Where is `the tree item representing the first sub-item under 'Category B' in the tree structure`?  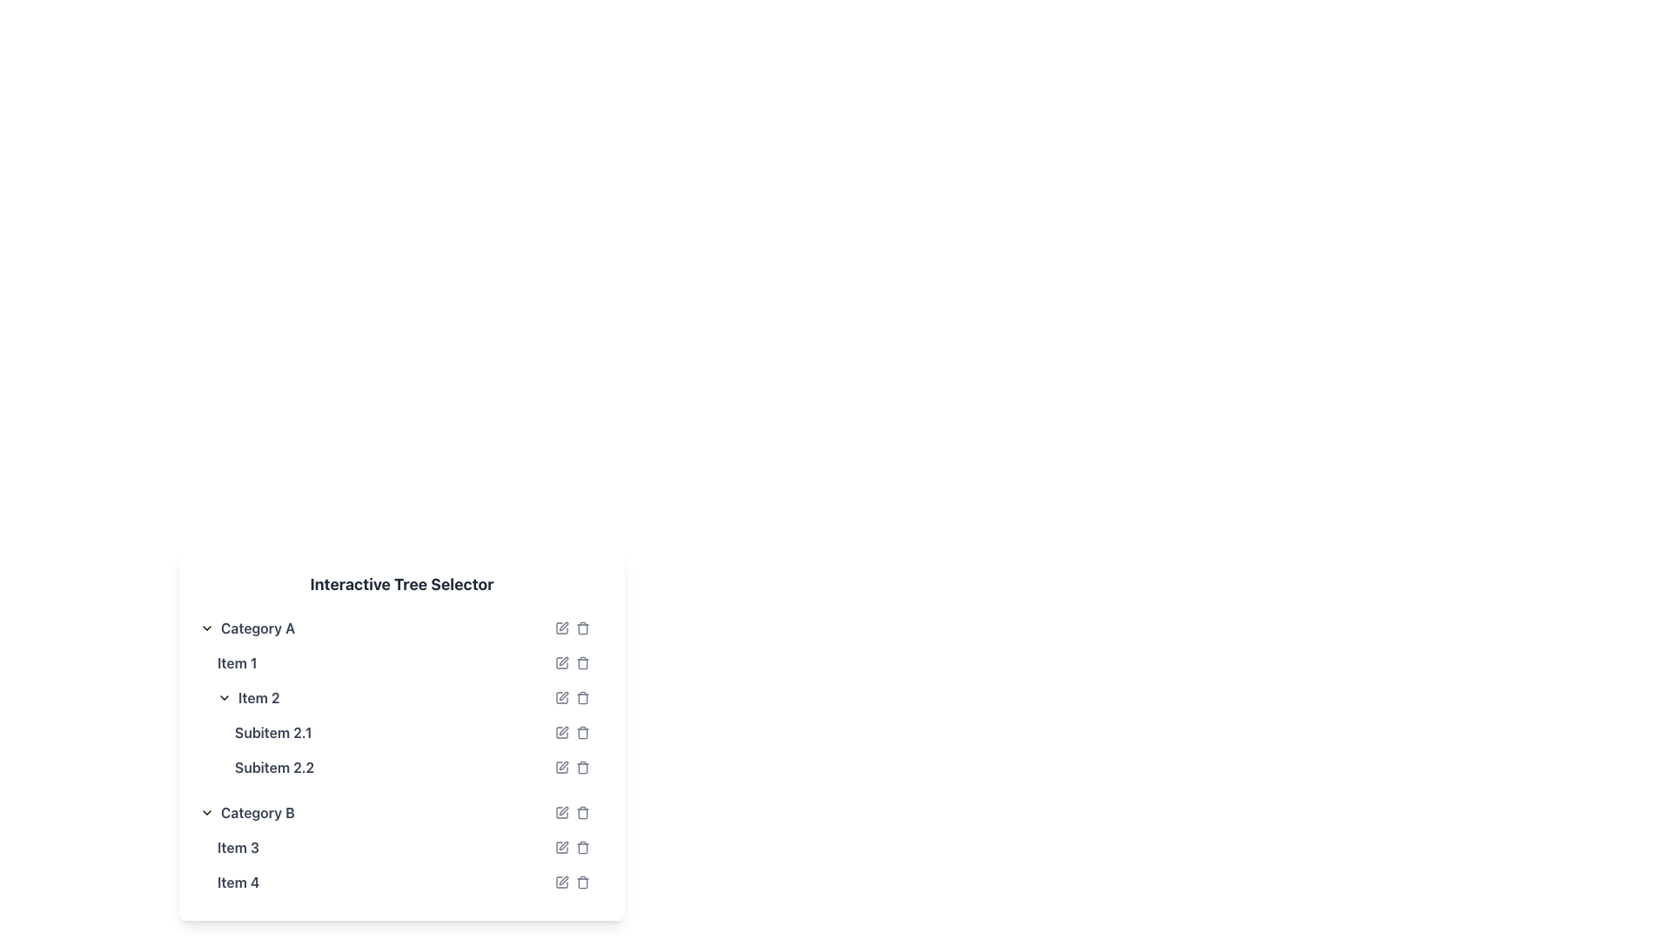
the tree item representing the first sub-item under 'Category B' in the tree structure is located at coordinates (400, 847).